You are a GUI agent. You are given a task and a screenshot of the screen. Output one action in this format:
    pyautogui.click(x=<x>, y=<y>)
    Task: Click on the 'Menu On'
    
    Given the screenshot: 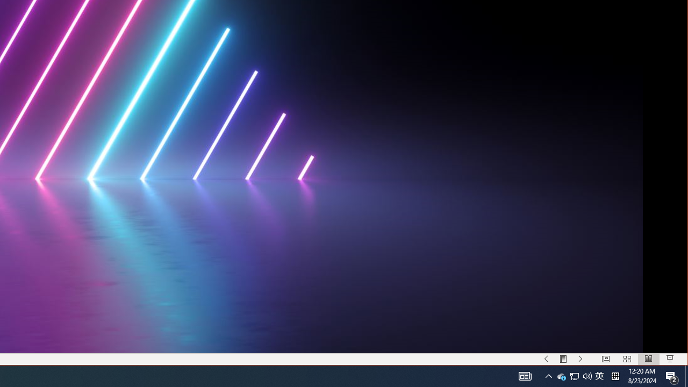 What is the action you would take?
    pyautogui.click(x=563, y=359)
    